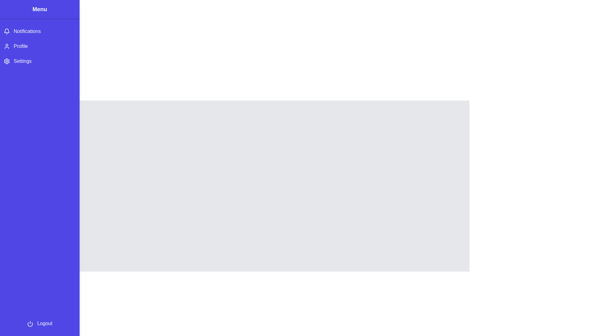 The image size is (597, 336). What do you see at coordinates (39, 31) in the screenshot?
I see `the 'Notifications' menu item in the drawer` at bounding box center [39, 31].